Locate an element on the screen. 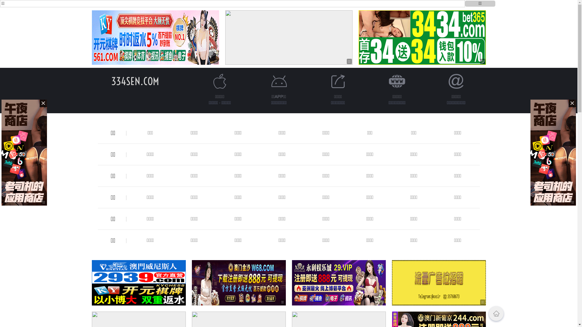 The image size is (582, 327). '334SEN.COM' is located at coordinates (111, 81).